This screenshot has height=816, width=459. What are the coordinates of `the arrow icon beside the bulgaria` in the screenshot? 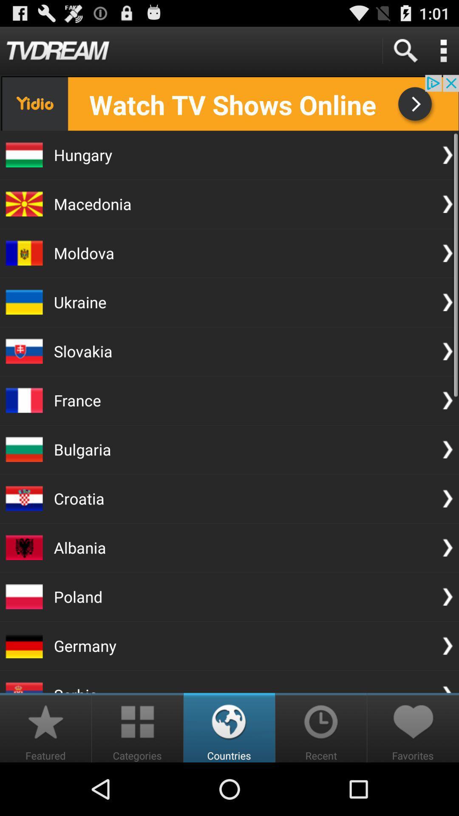 It's located at (447, 449).